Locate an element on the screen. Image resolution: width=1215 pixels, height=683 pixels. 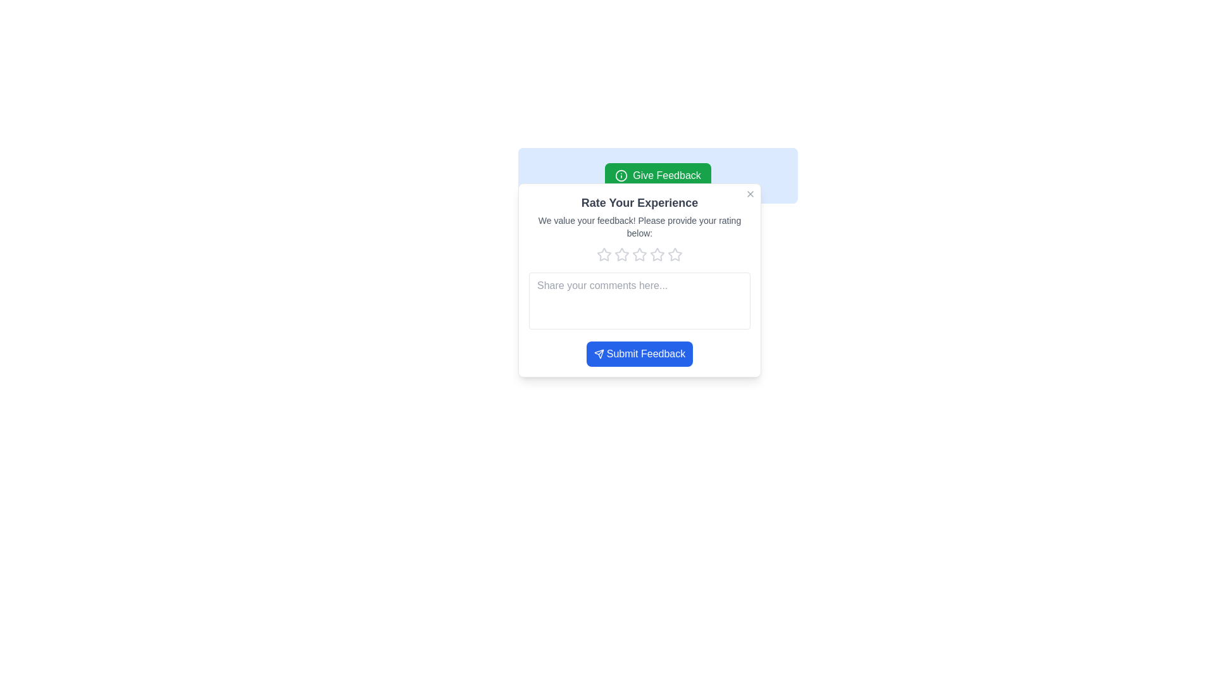
to select the star-shaped icon (second star) in the feedback rating section, which is part of a horizontal row of five stars is located at coordinates (640, 254).